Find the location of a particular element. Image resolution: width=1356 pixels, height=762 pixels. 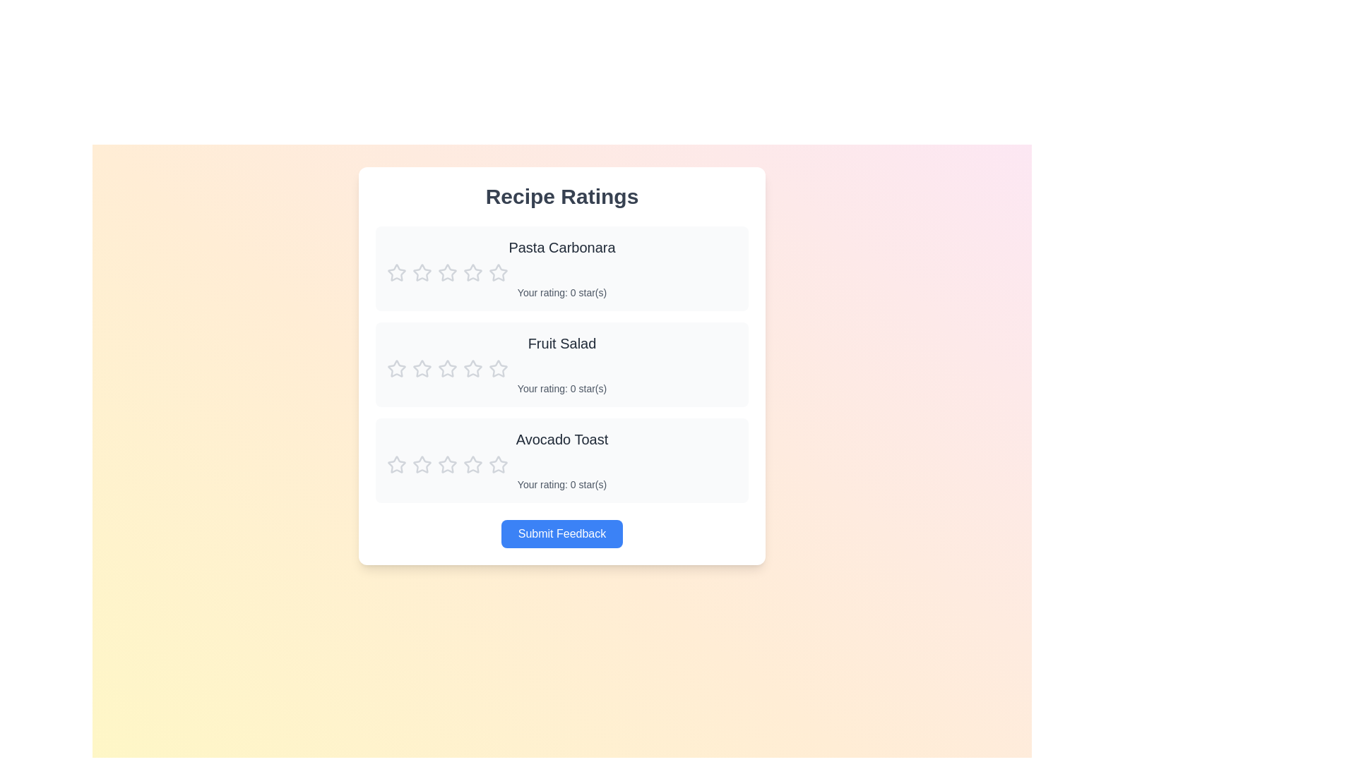

the first star icon in the horizontal set of five stars under the 'Fruit Salad' recipe is located at coordinates (395, 368).